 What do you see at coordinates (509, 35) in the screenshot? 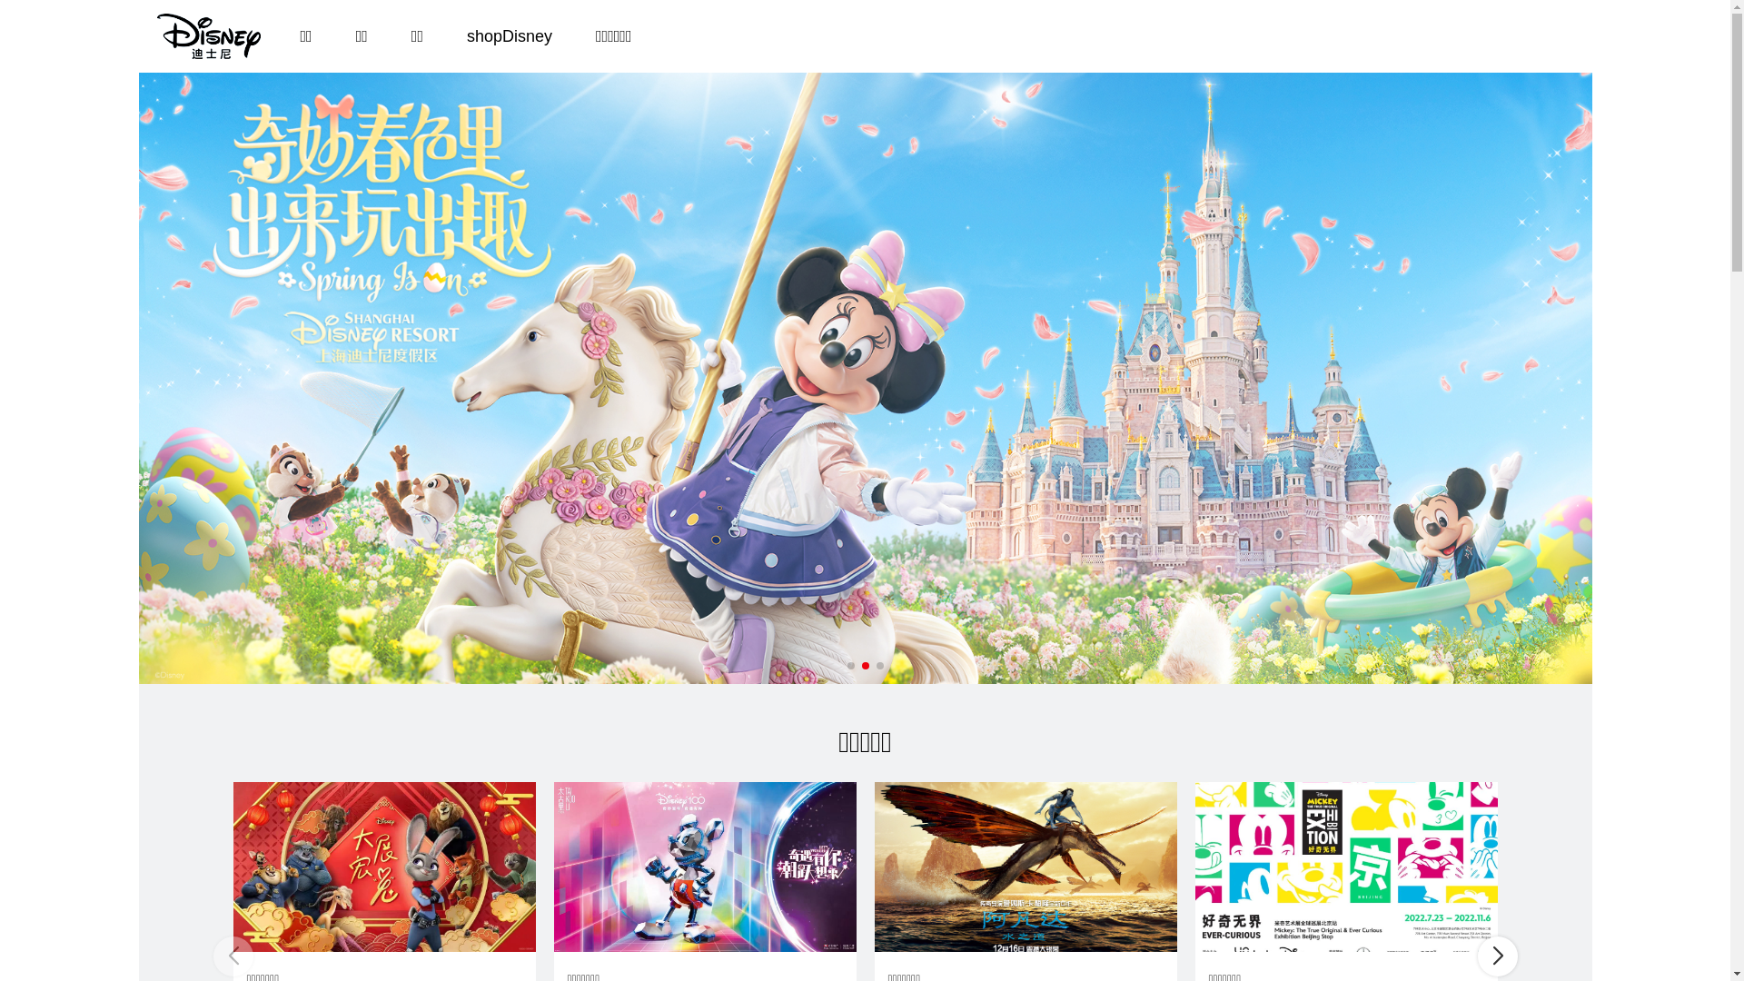
I see `'shopDisney'` at bounding box center [509, 35].